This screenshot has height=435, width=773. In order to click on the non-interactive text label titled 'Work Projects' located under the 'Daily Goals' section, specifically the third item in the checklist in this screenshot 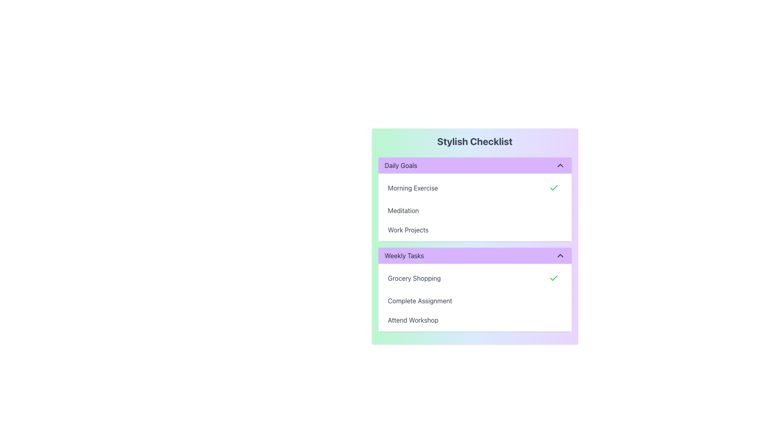, I will do `click(408, 230)`.